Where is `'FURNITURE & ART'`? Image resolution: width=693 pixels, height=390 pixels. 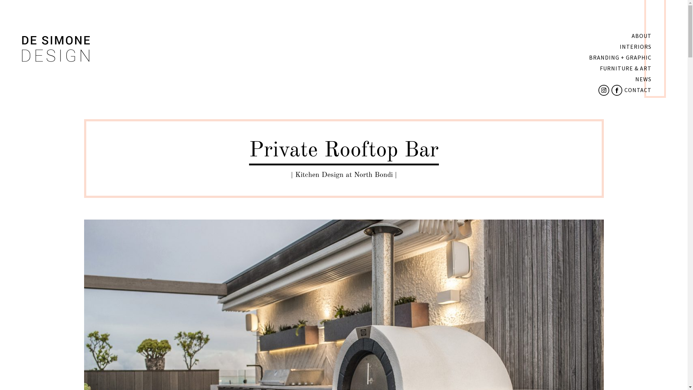
'FURNITURE & ART' is located at coordinates (625, 68).